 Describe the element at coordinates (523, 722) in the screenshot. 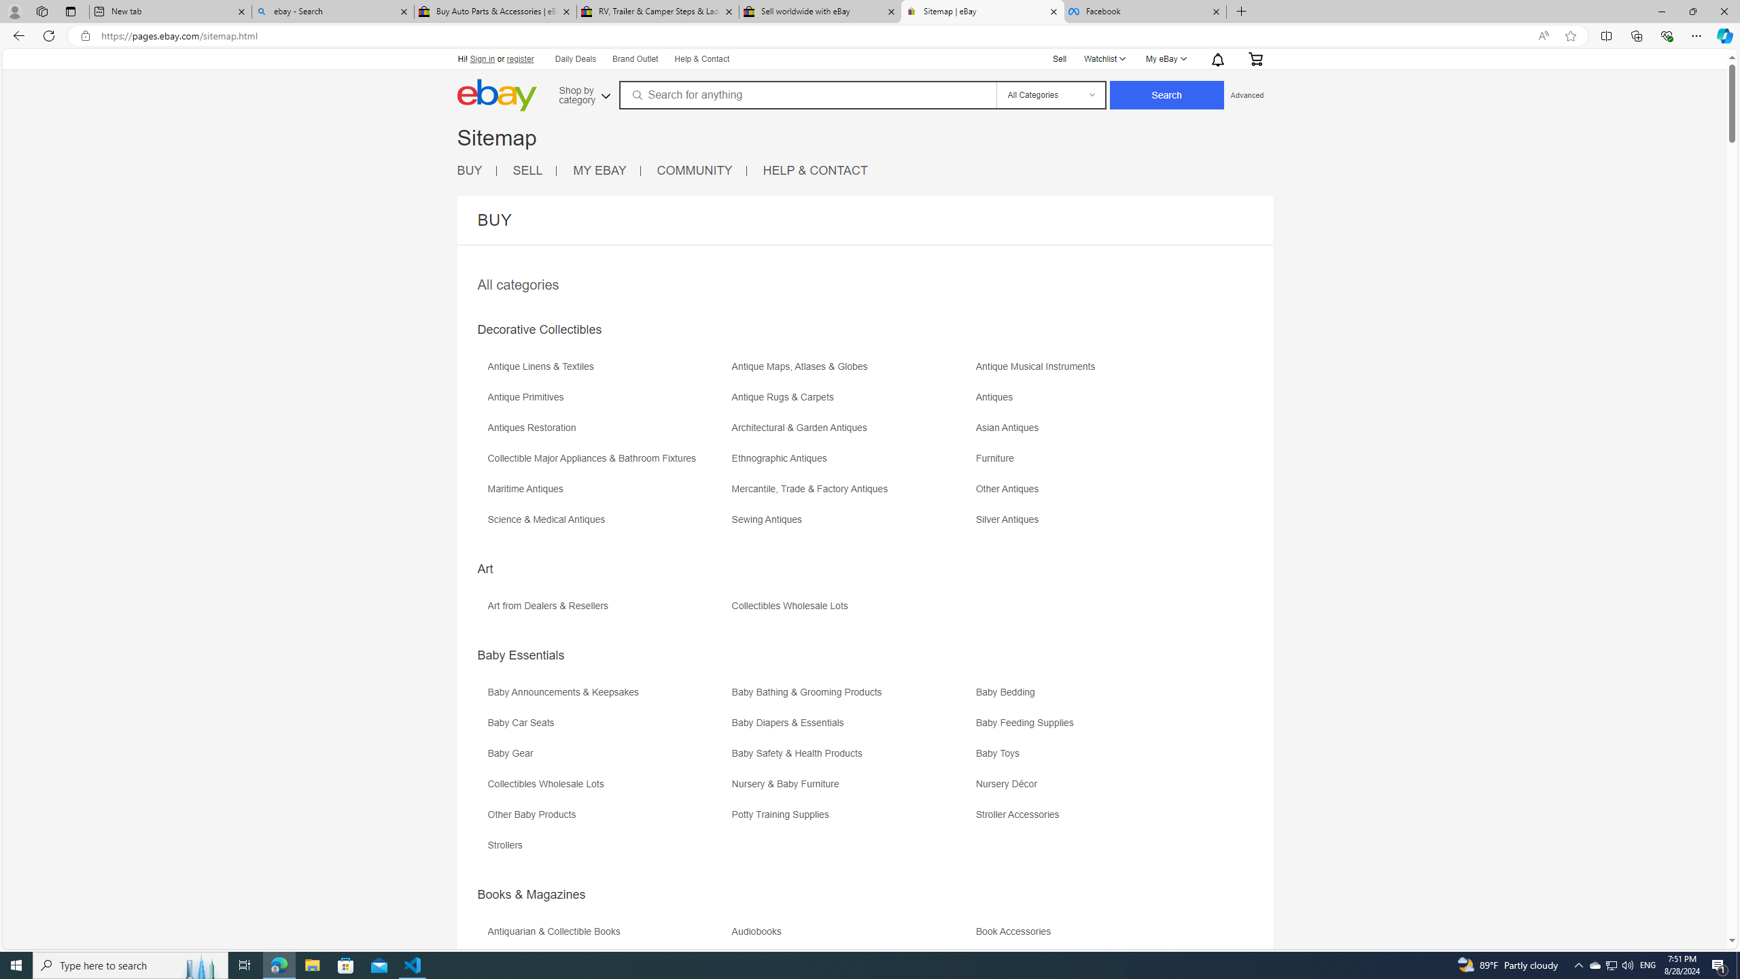

I see `'Baby Car Seats'` at that location.